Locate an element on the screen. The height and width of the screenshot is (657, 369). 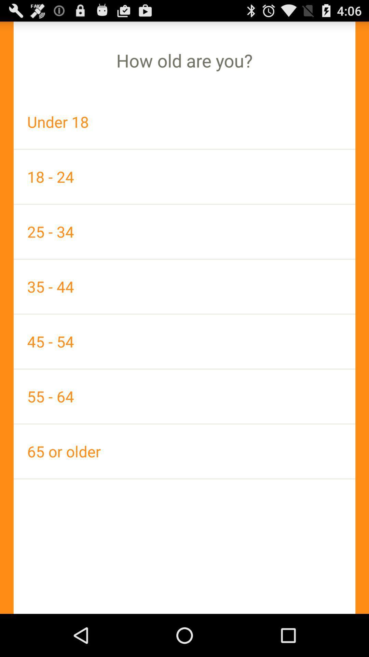
app above the 45 - 54 icon is located at coordinates (184, 286).